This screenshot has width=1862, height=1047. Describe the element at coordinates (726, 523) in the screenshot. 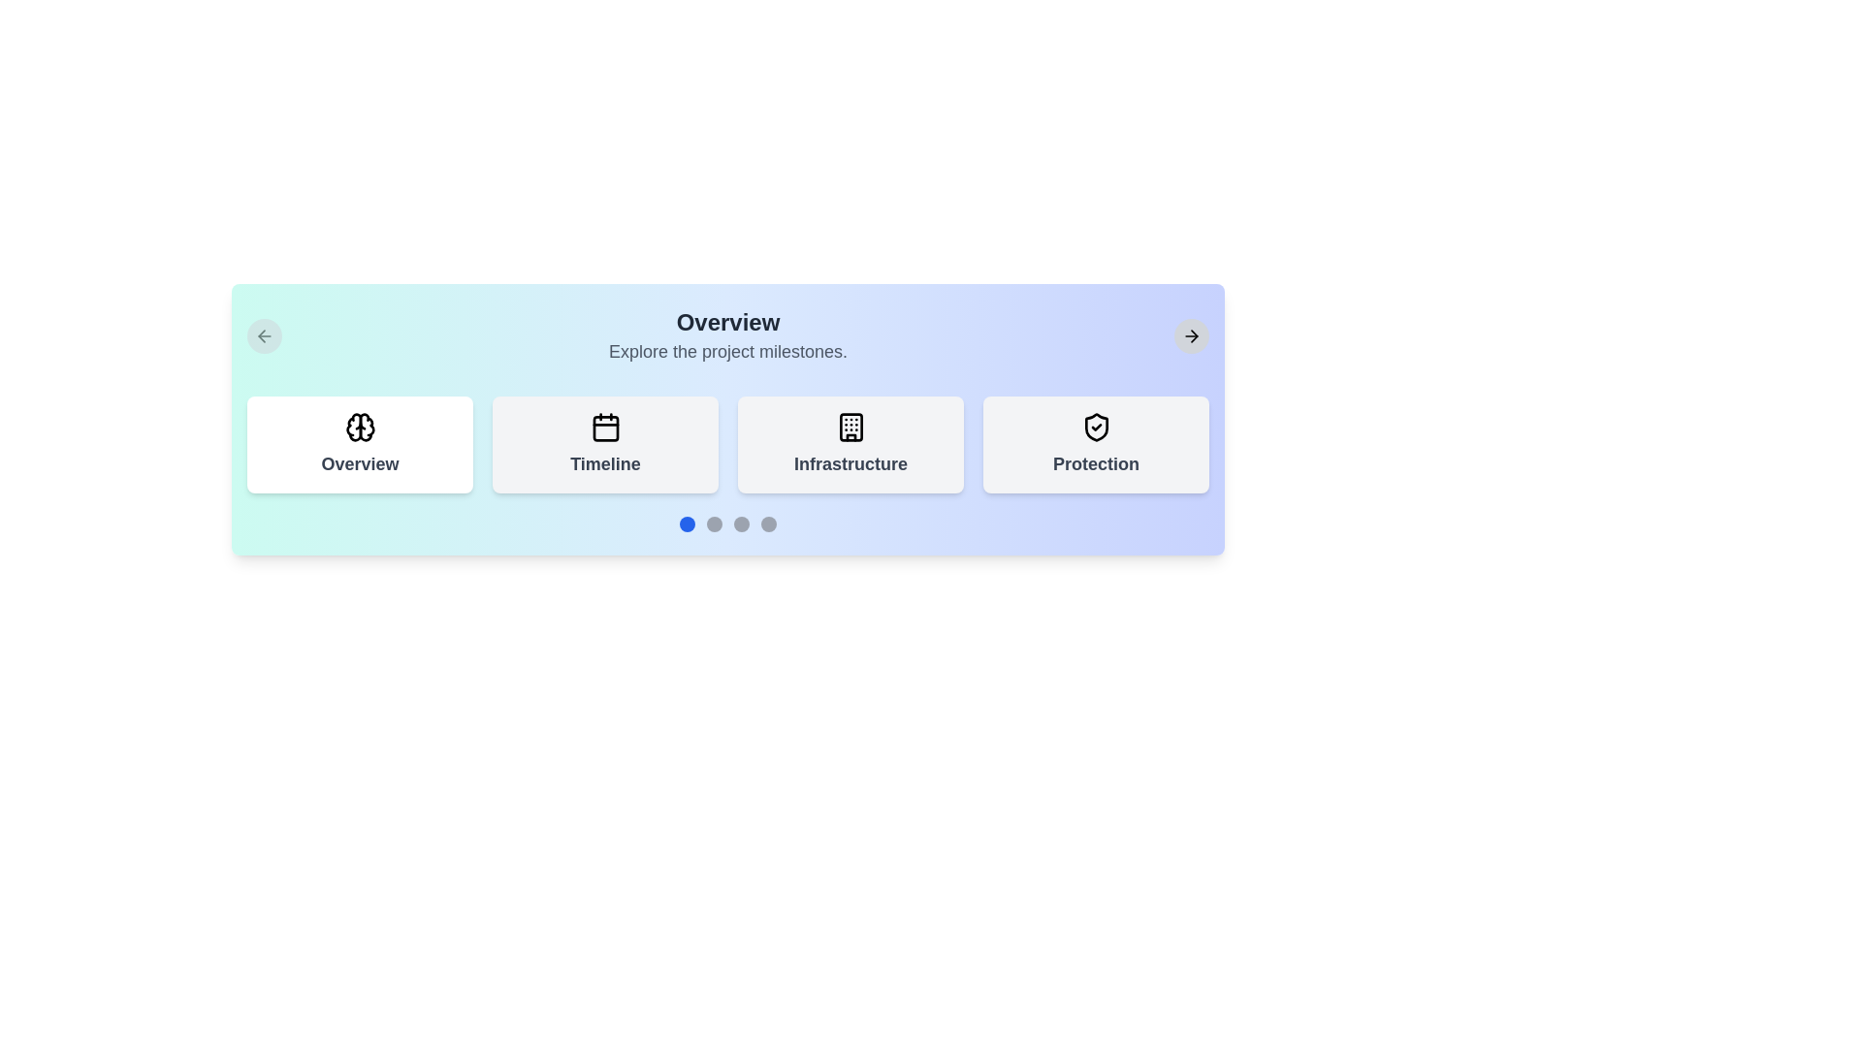

I see `the currently active dot in the pagination indicator located at the bottom of the card, which is centered below the section containing the 'Overview,' 'Timeline,' 'Infrastructure,' and 'Protection' options` at that location.